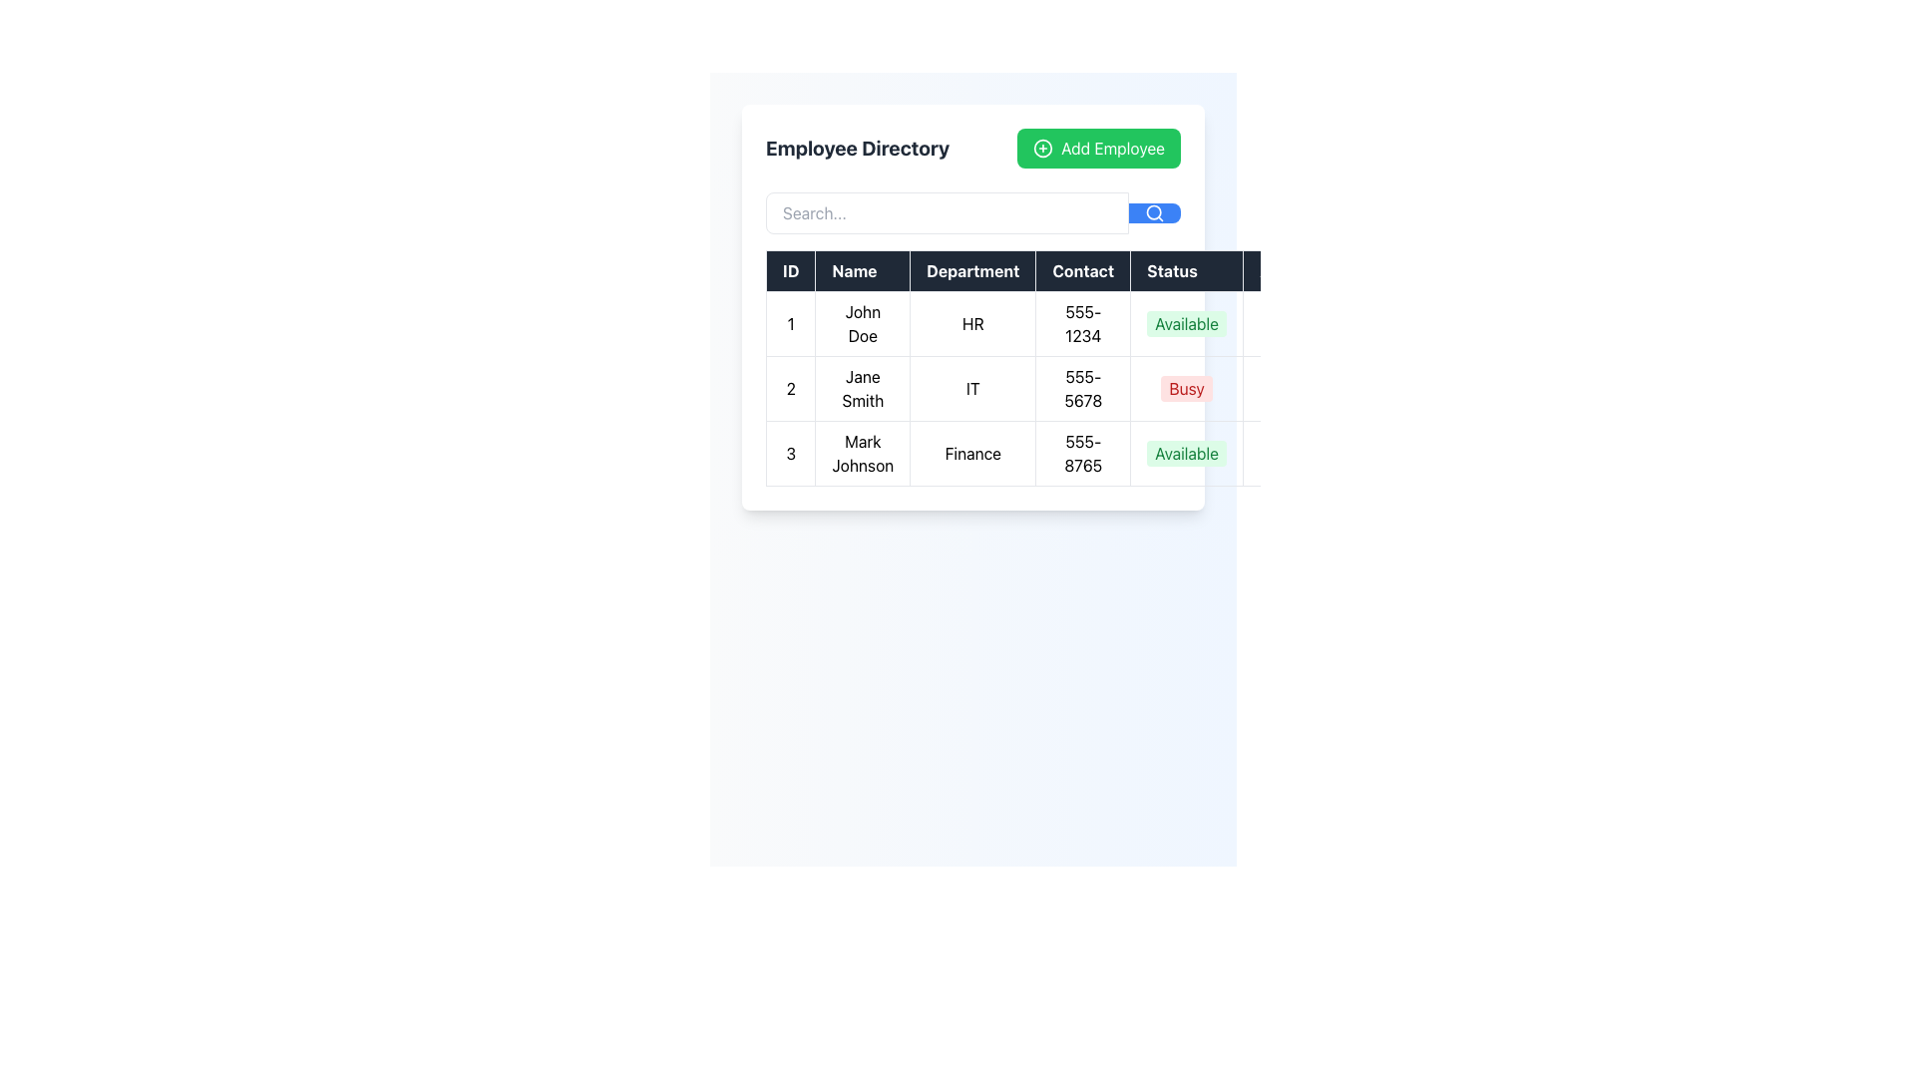 Image resolution: width=1915 pixels, height=1077 pixels. I want to click on text from the header cell labeled 'Name' in the table, located between 'ID' and 'Department', so click(863, 271).